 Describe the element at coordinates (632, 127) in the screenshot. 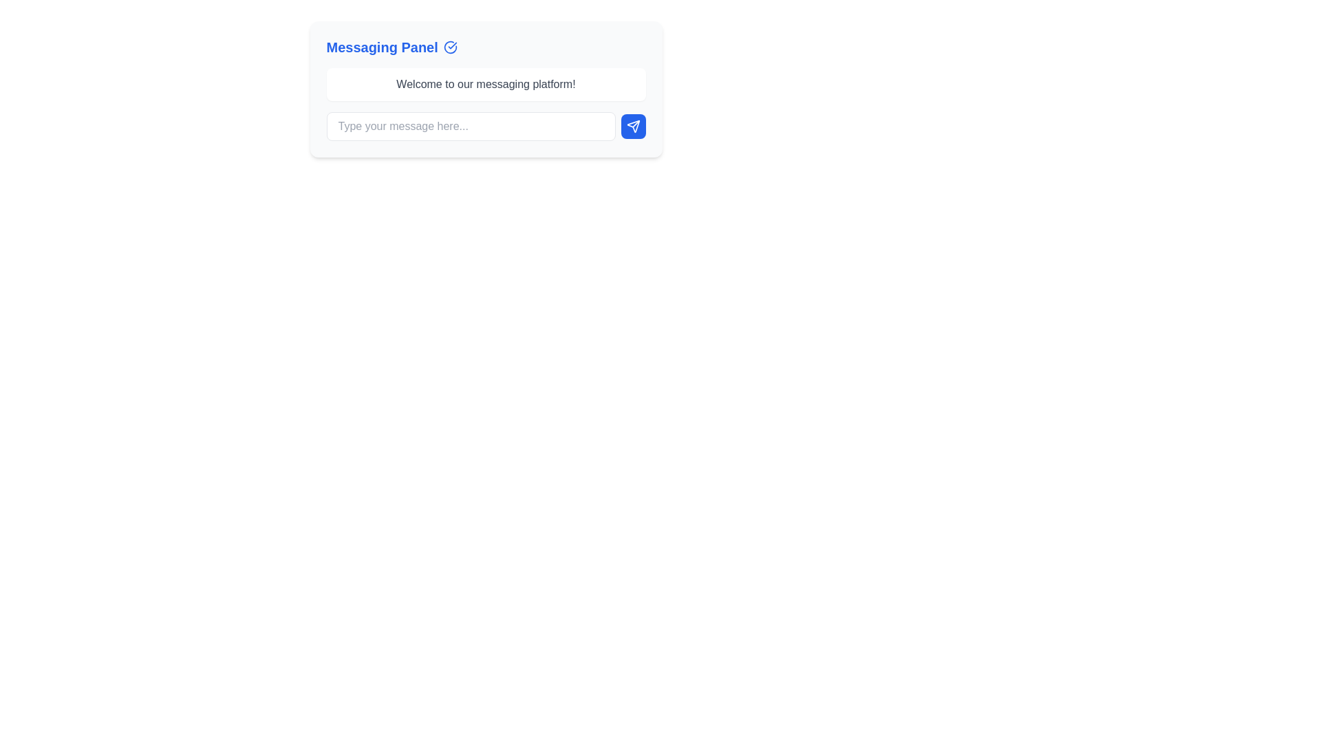

I see `the 'send' button icon located within a circular button` at that location.